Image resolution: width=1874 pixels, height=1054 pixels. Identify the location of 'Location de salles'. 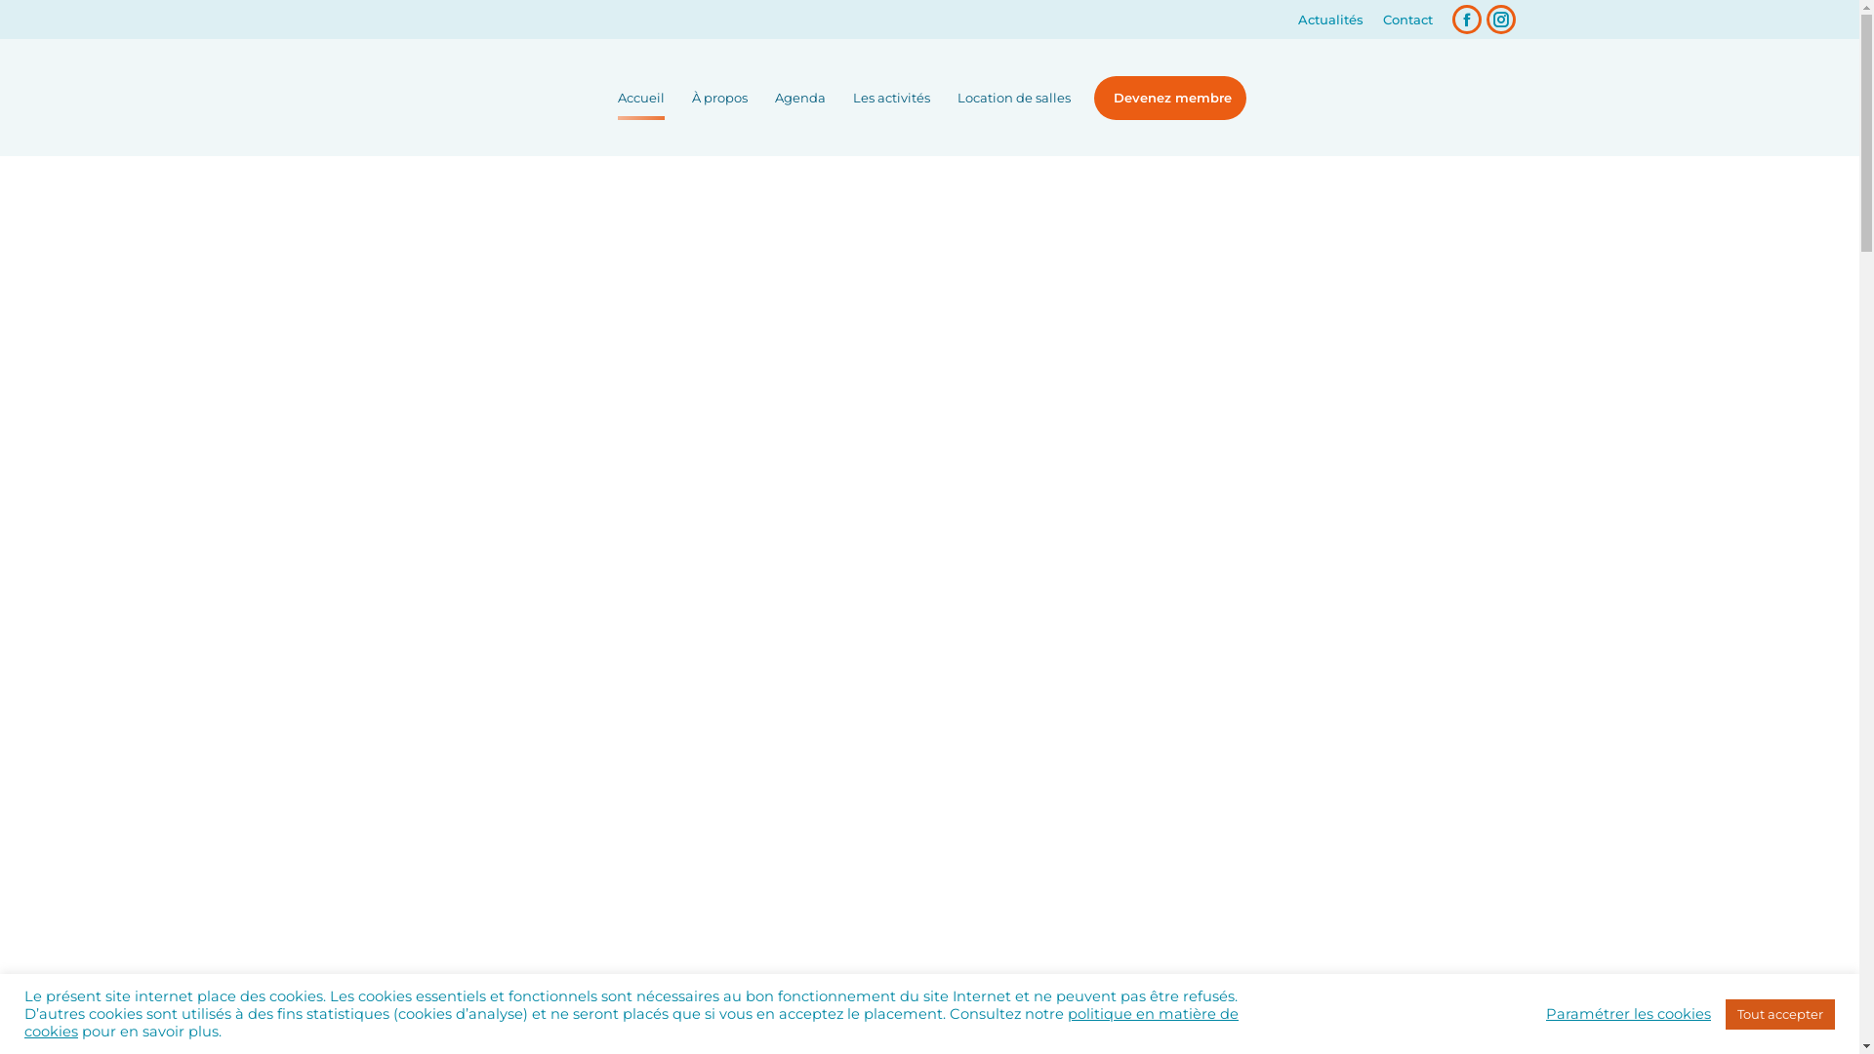
(1012, 98).